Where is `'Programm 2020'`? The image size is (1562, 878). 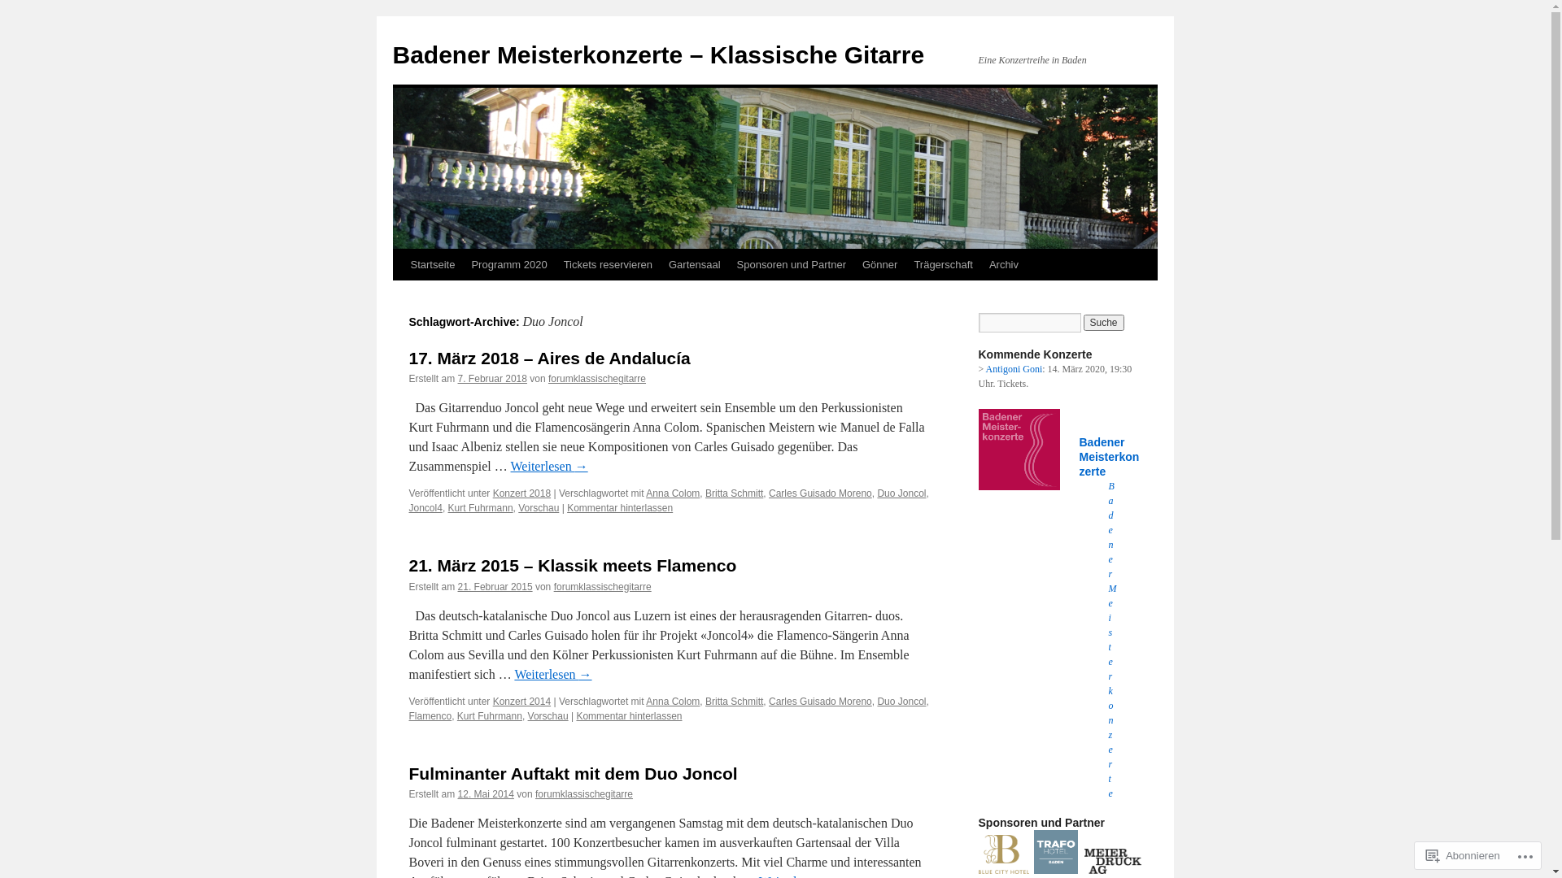
'Programm 2020' is located at coordinates (508, 264).